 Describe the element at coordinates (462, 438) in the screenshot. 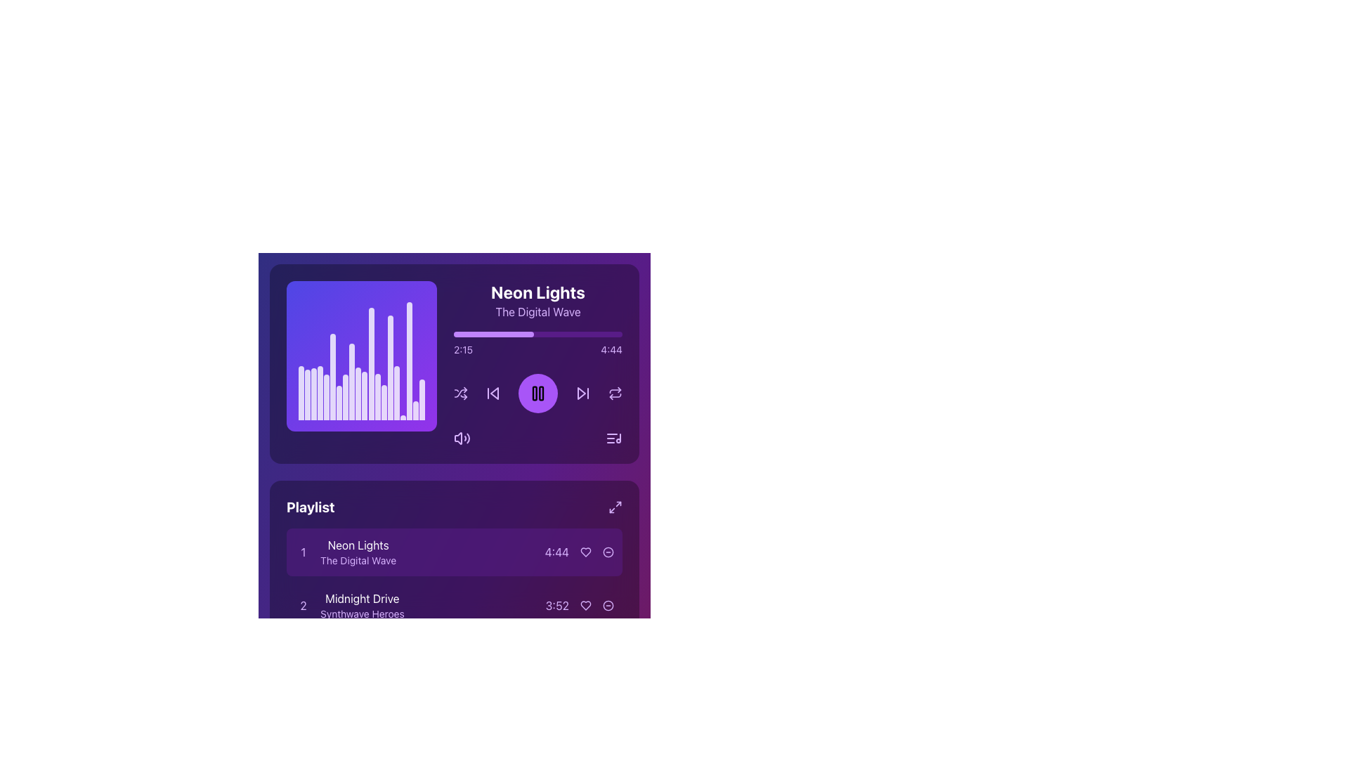

I see `the muted volume icon shaped like a speaker emitting sound waves, located in the upper section of the interface to mute/unmute the volume` at that location.